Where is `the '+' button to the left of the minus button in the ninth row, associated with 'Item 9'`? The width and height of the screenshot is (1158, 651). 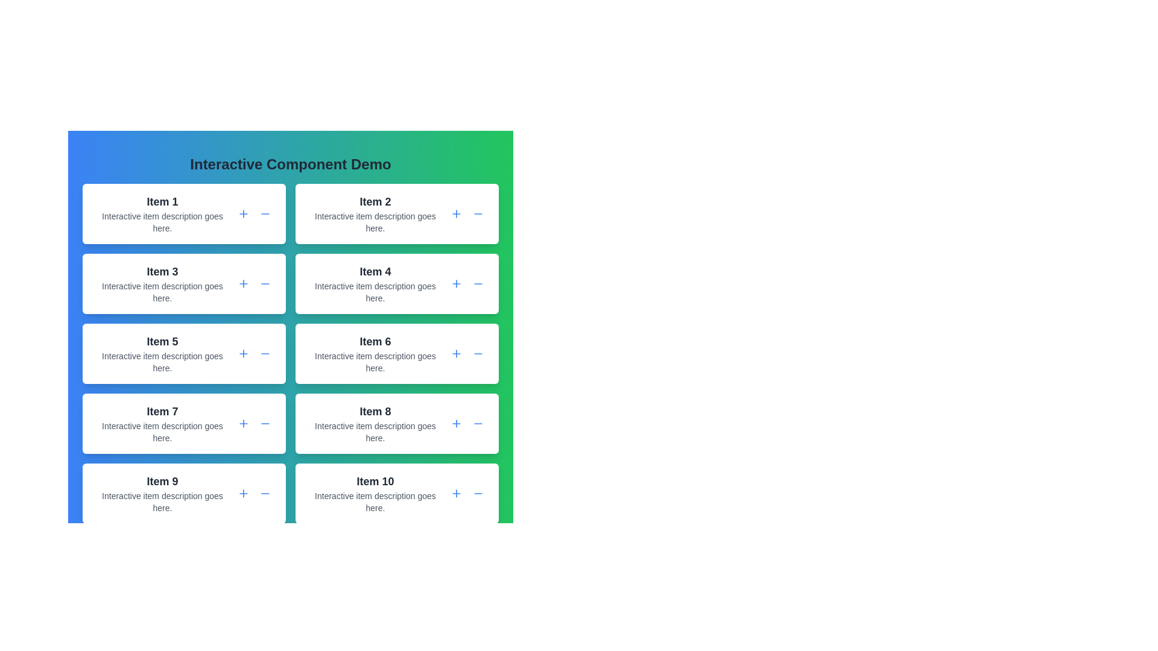
the '+' button to the left of the minus button in the ninth row, associated with 'Item 9' is located at coordinates (242, 493).